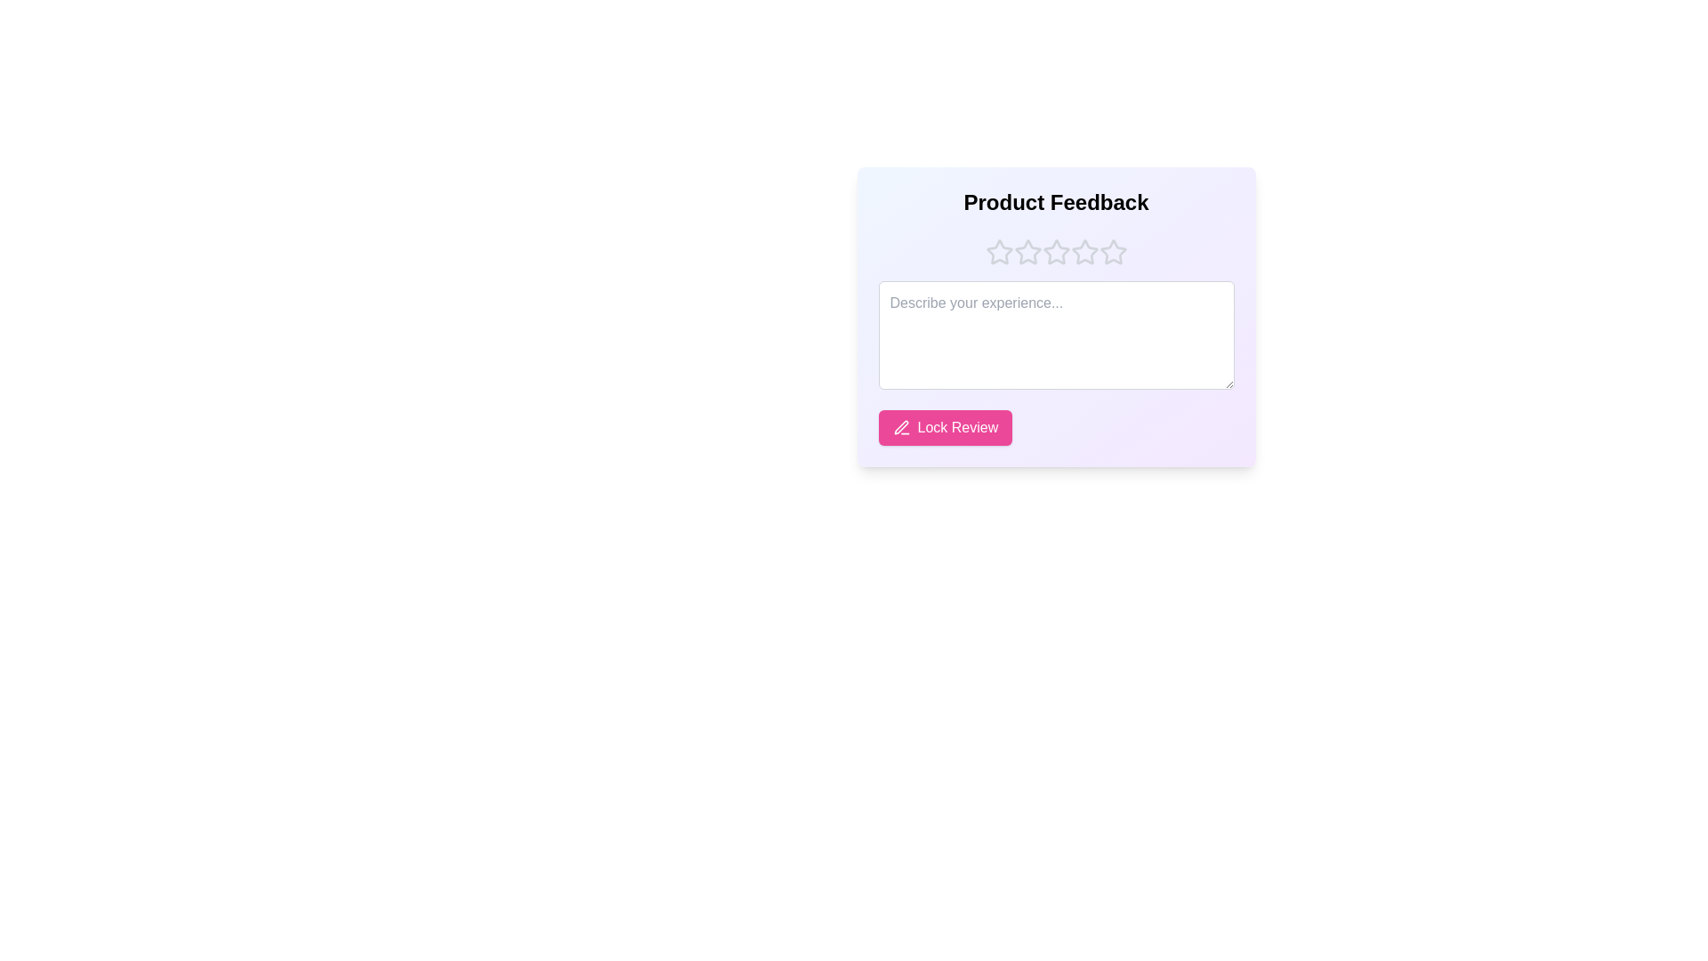 The height and width of the screenshot is (961, 1708). What do you see at coordinates (1056, 335) in the screenshot?
I see `the text area to select all text` at bounding box center [1056, 335].